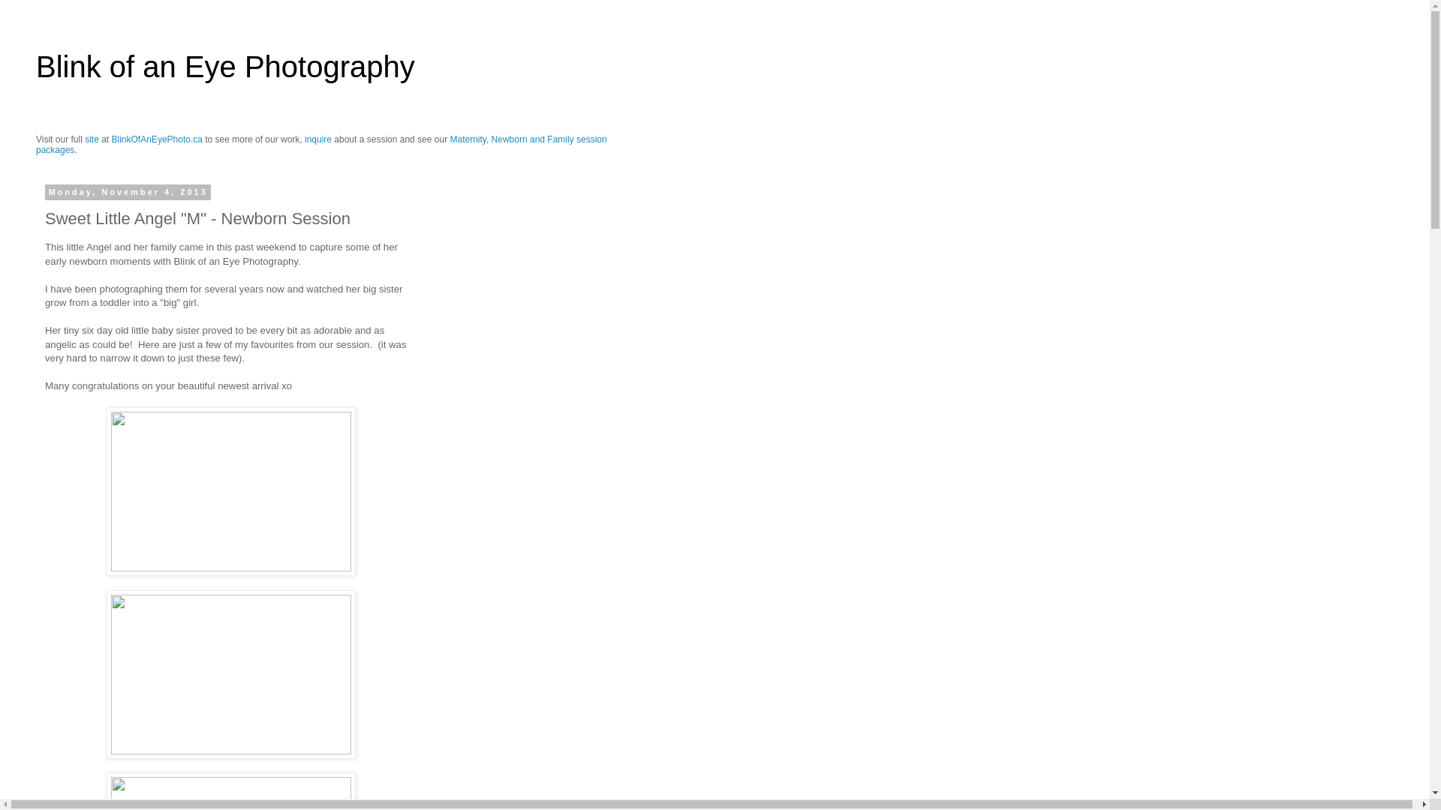 This screenshot has width=1441, height=810. I want to click on 'Maternity, Newborn and Family session packages', so click(320, 144).